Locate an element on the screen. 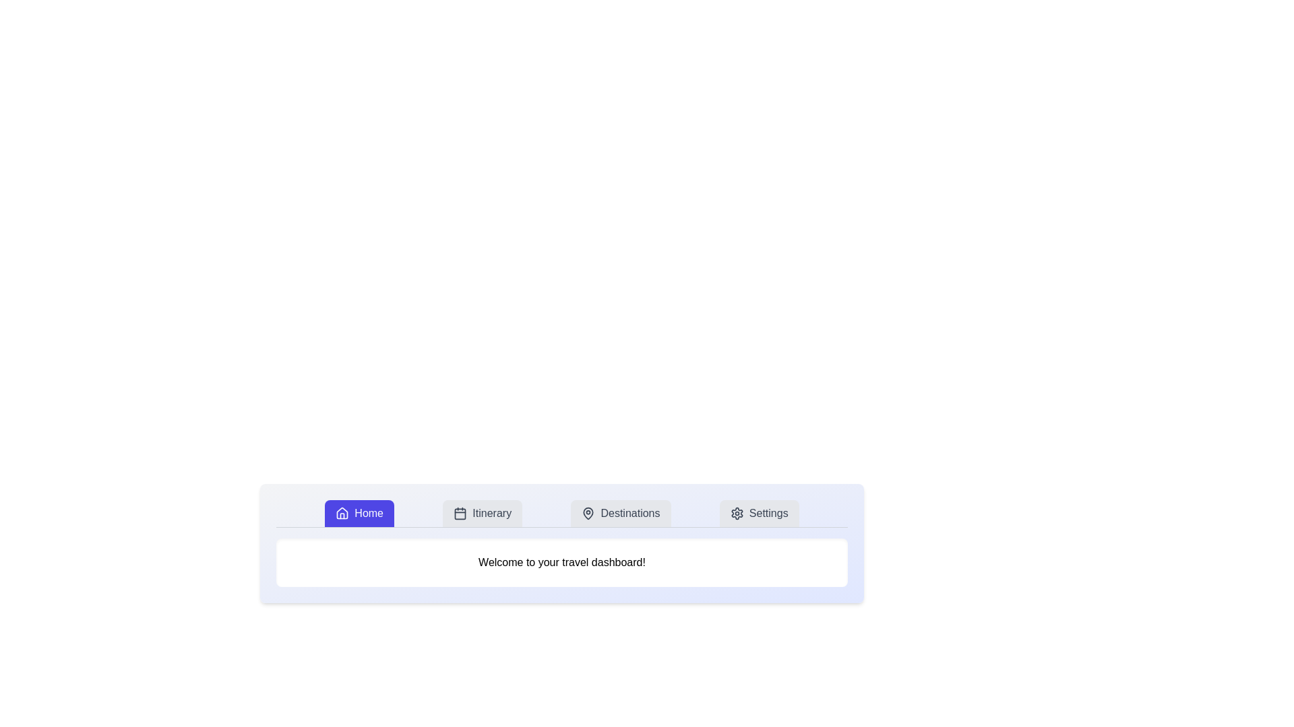 The height and width of the screenshot is (727, 1294). the Navigation Bar for accessibility is located at coordinates (562, 514).